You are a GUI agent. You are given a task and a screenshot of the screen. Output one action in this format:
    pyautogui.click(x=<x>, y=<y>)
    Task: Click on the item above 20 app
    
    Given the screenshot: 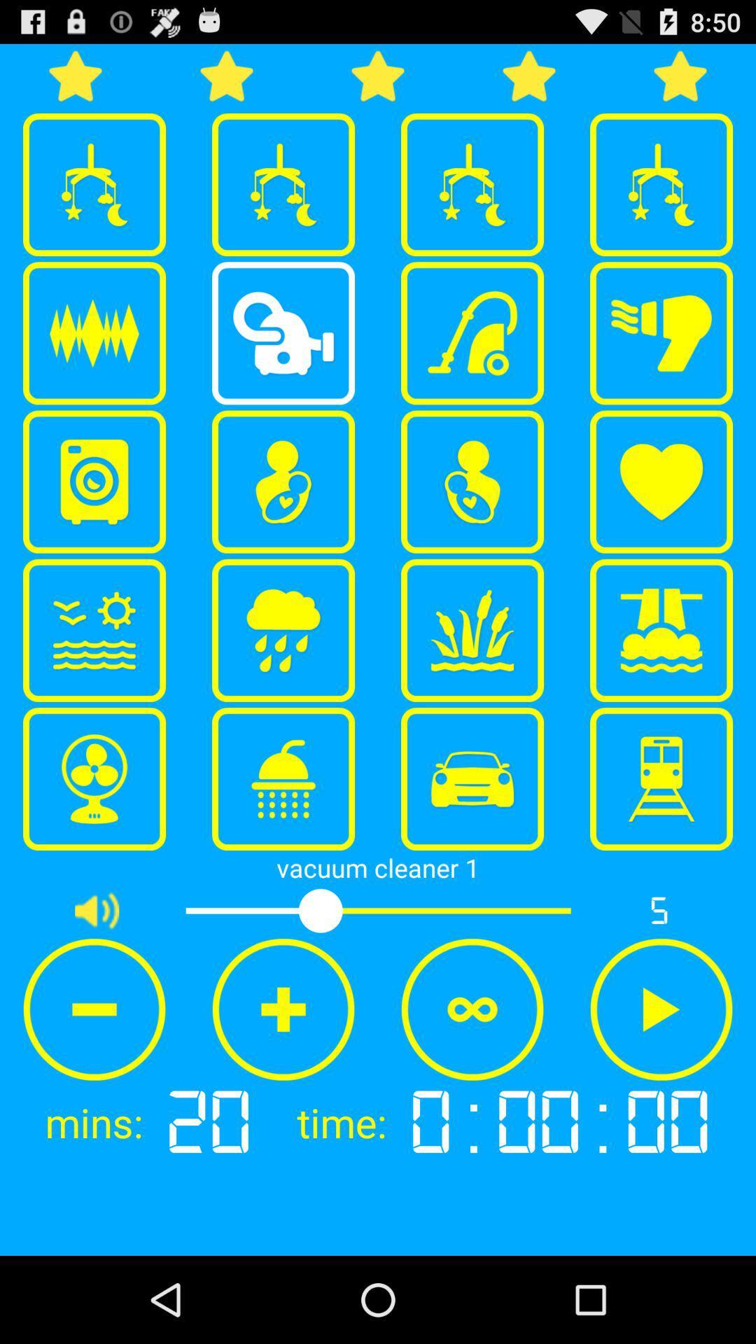 What is the action you would take?
    pyautogui.click(x=283, y=1009)
    